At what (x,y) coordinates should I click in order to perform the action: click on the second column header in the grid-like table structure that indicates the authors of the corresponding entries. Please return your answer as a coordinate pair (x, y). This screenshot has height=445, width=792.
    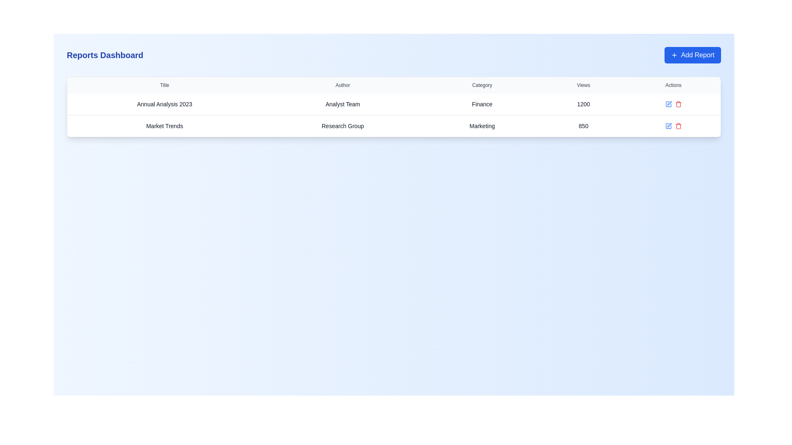
    Looking at the image, I should click on (343, 85).